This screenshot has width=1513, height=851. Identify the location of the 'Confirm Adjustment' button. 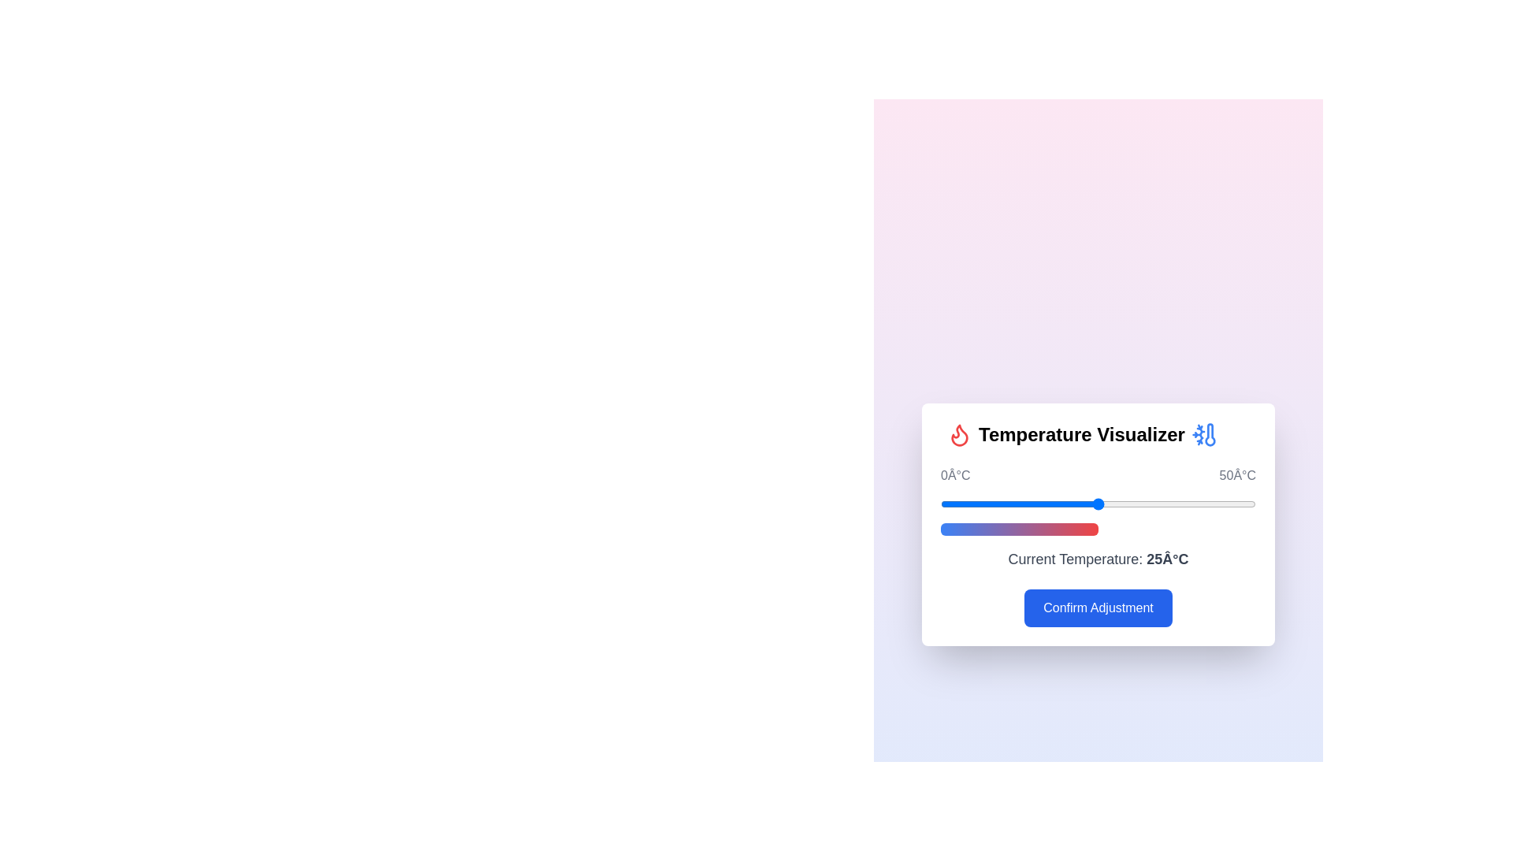
(1097, 607).